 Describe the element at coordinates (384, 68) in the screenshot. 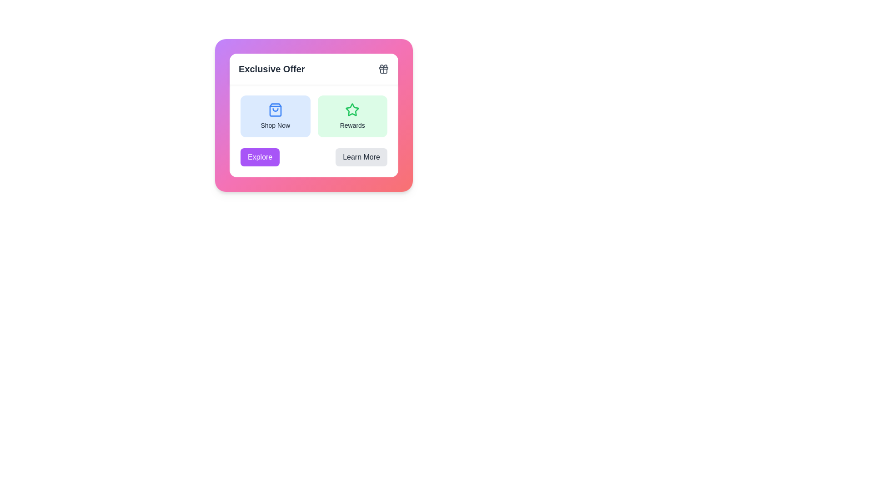

I see `the decorative graphical element within the SVG gift icon located in the top right corner of the 'Exclusive Offer' panel` at that location.